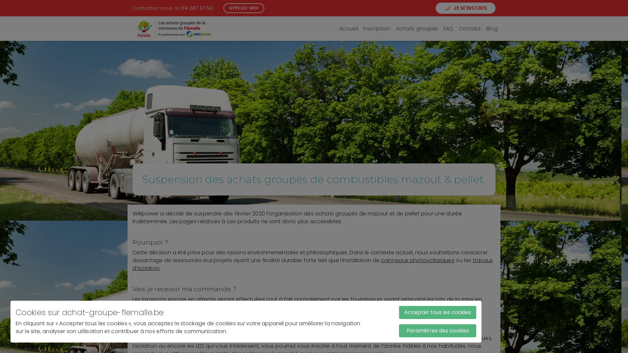  Describe the element at coordinates (377, 28) in the screenshot. I see `'Inscription'` at that location.